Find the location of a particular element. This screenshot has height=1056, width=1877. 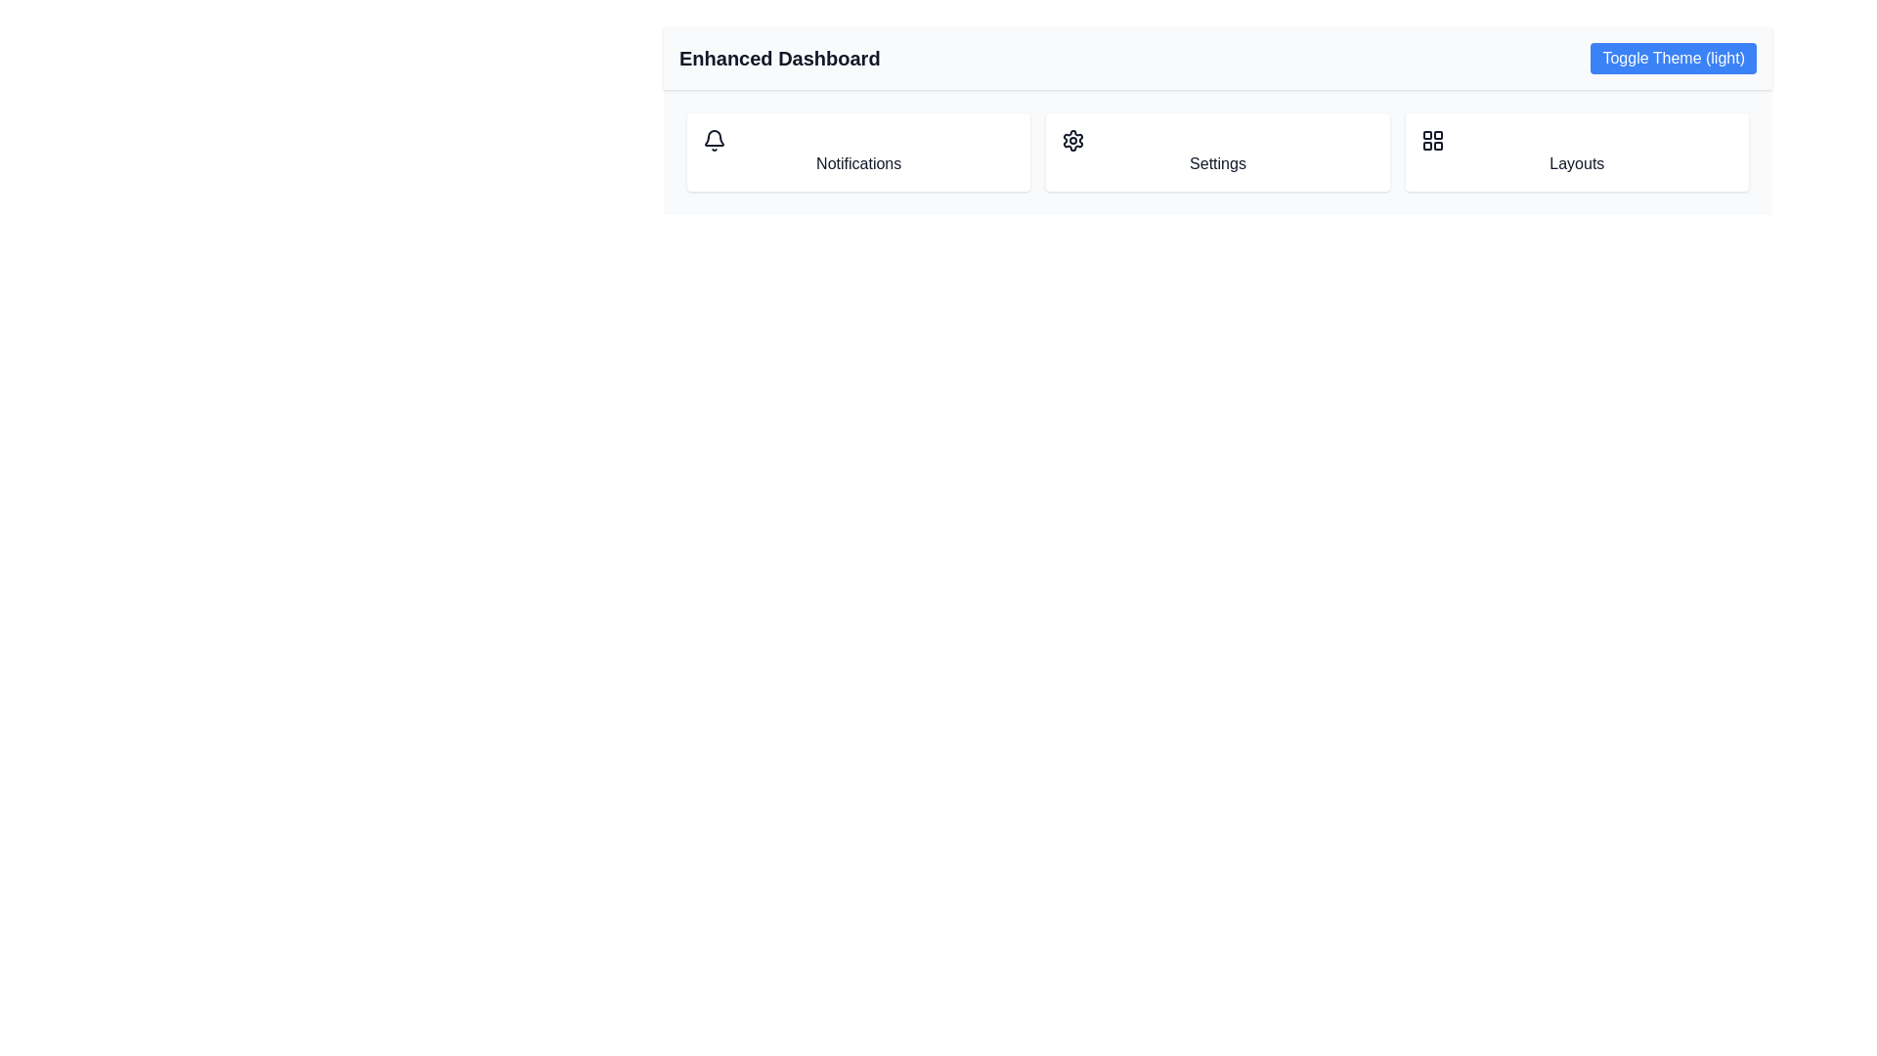

the menu bar located at the top of the interface under the 'Enhanced Dashboard' heading is located at coordinates (1217, 151).